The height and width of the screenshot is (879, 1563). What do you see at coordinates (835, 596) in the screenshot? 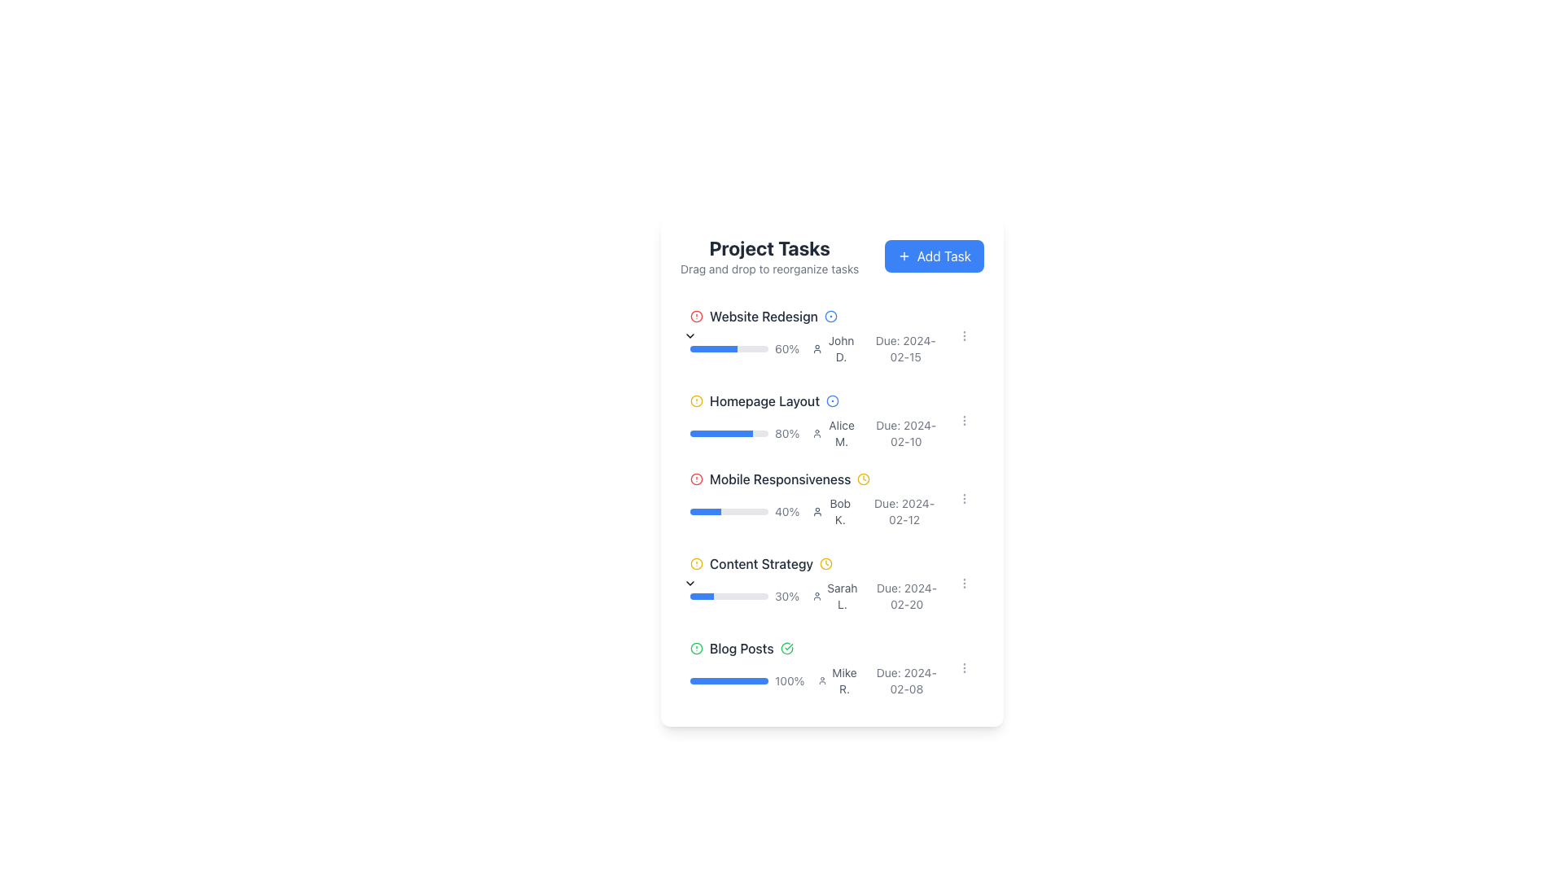
I see `the Label with the text 'Sarah L.' and user icon` at bounding box center [835, 596].